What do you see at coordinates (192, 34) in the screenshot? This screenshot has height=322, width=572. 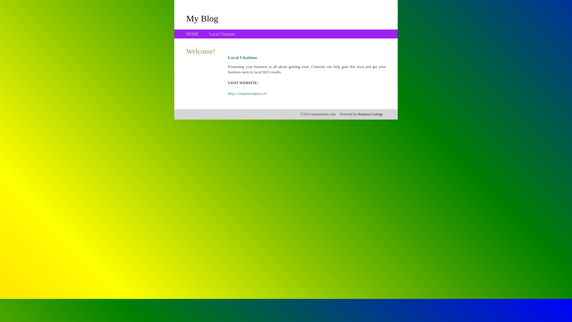 I see `'HOME'` at bounding box center [192, 34].